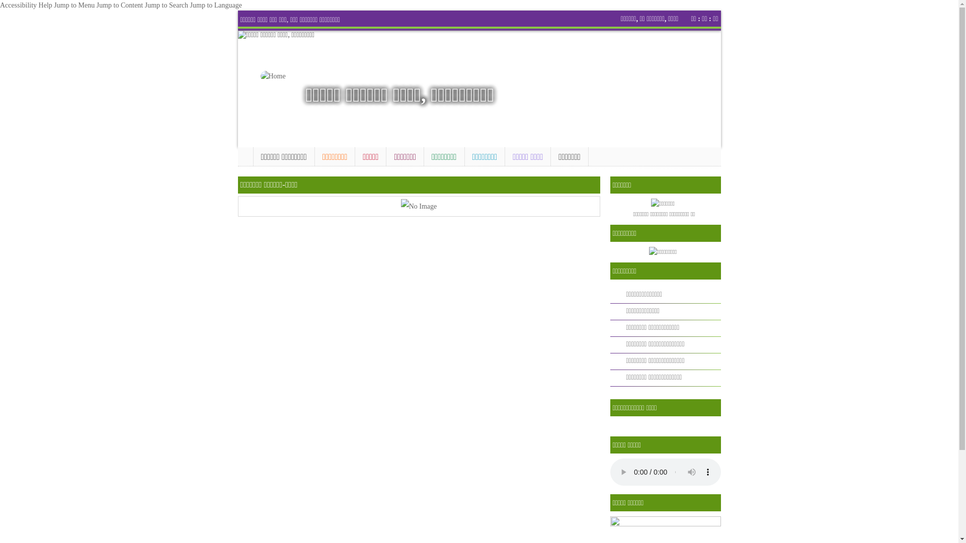  I want to click on 'Jump to Content', so click(120, 5).